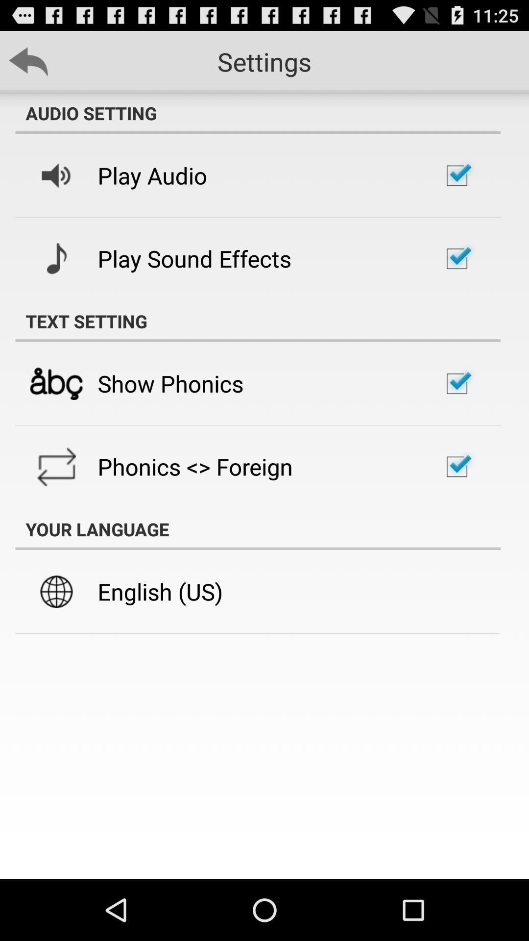 This screenshot has width=529, height=941. What do you see at coordinates (160, 591) in the screenshot?
I see `english (us) app` at bounding box center [160, 591].